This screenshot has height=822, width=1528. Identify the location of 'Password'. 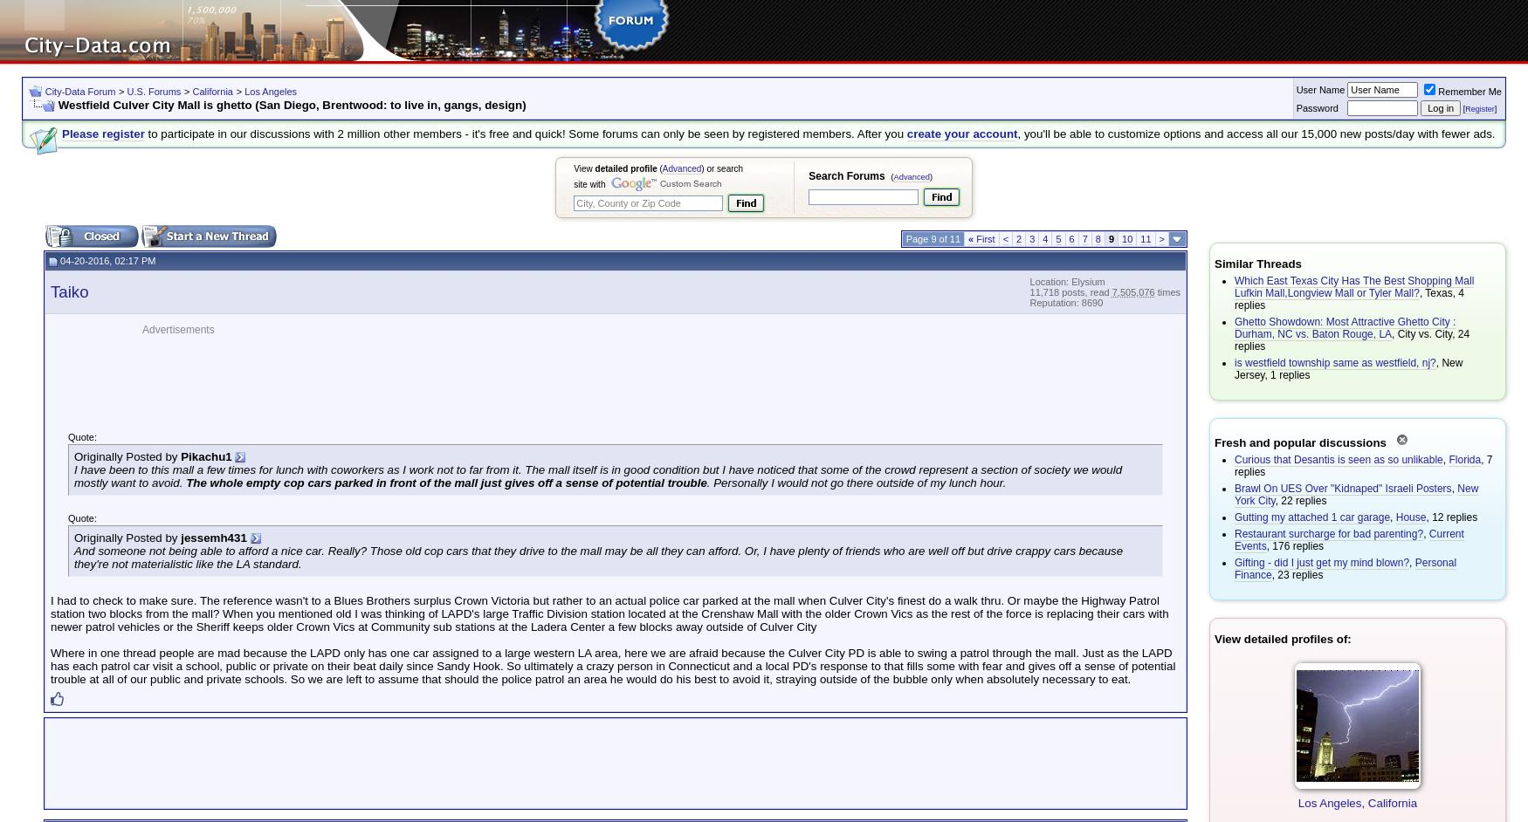
(1315, 107).